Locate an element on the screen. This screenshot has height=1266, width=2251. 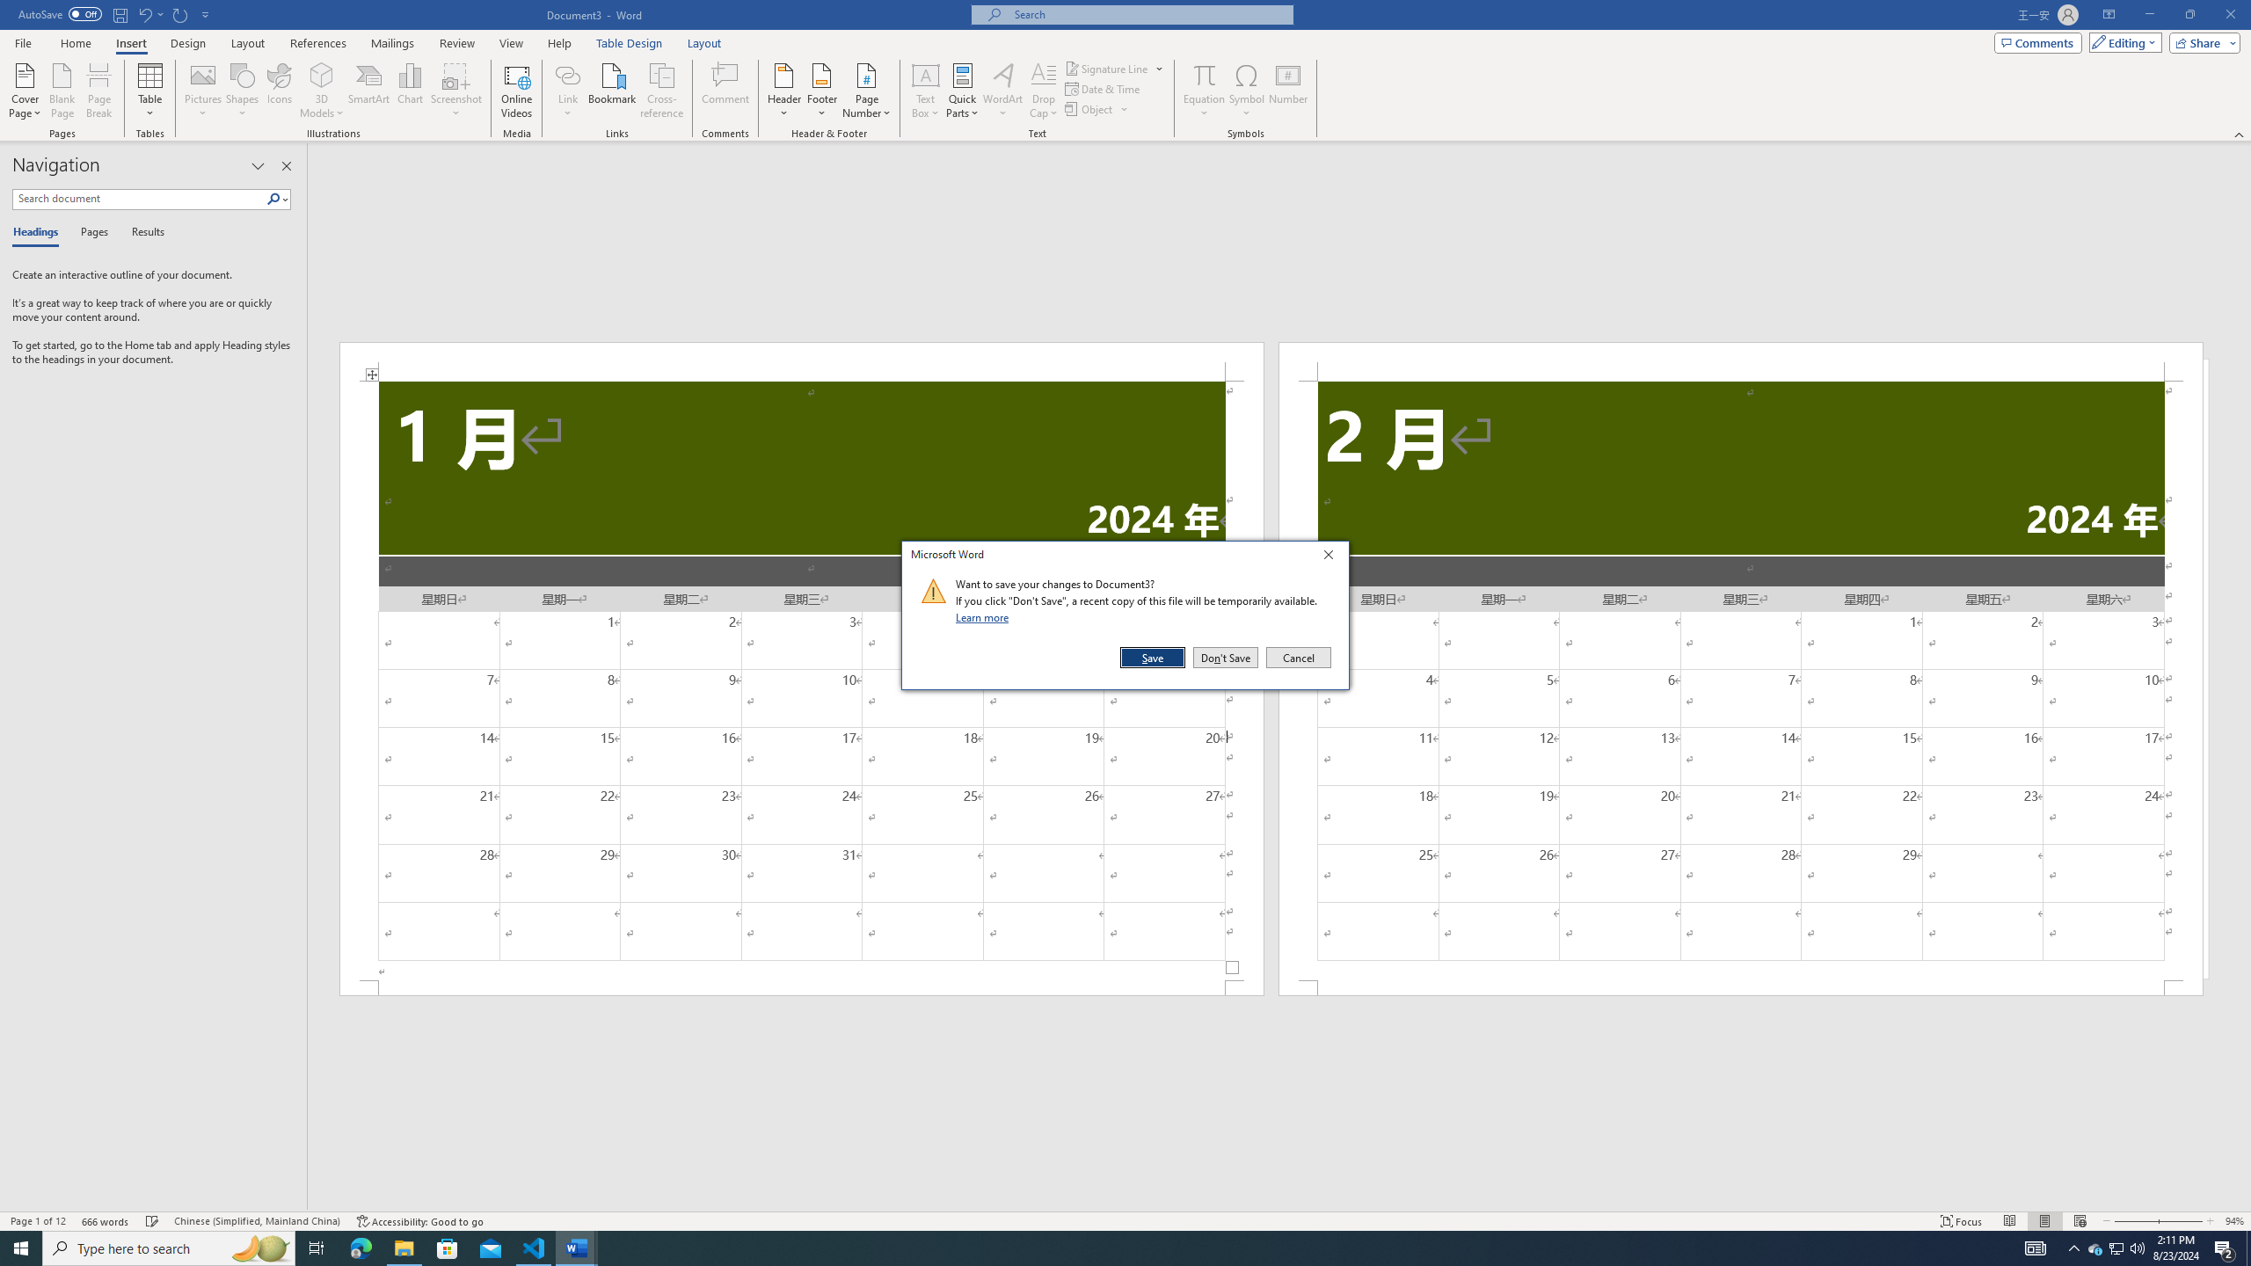
'Icons' is located at coordinates (279, 91).